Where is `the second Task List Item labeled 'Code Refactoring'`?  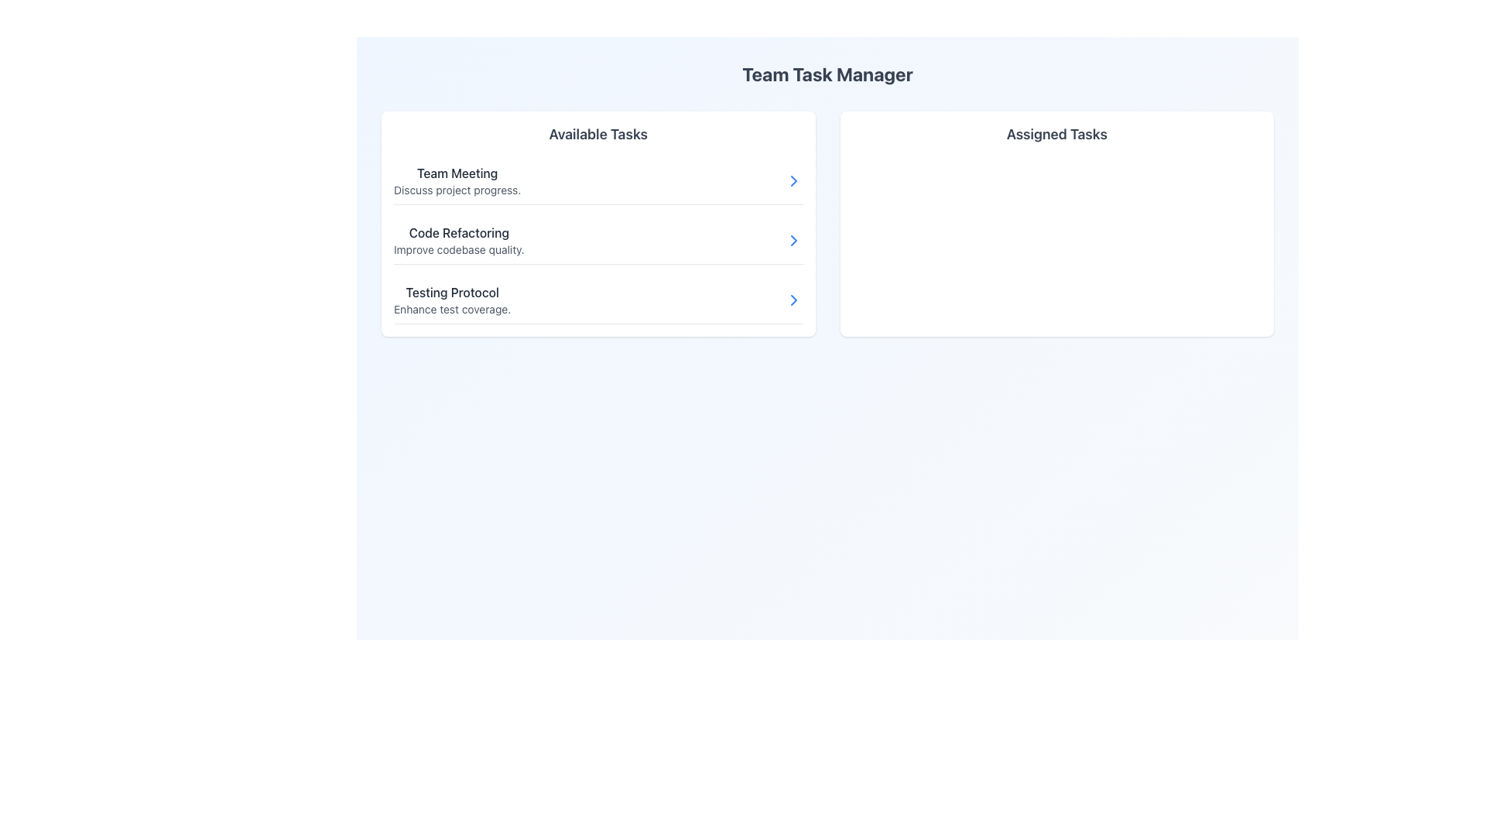 the second Task List Item labeled 'Code Refactoring' is located at coordinates (597, 224).